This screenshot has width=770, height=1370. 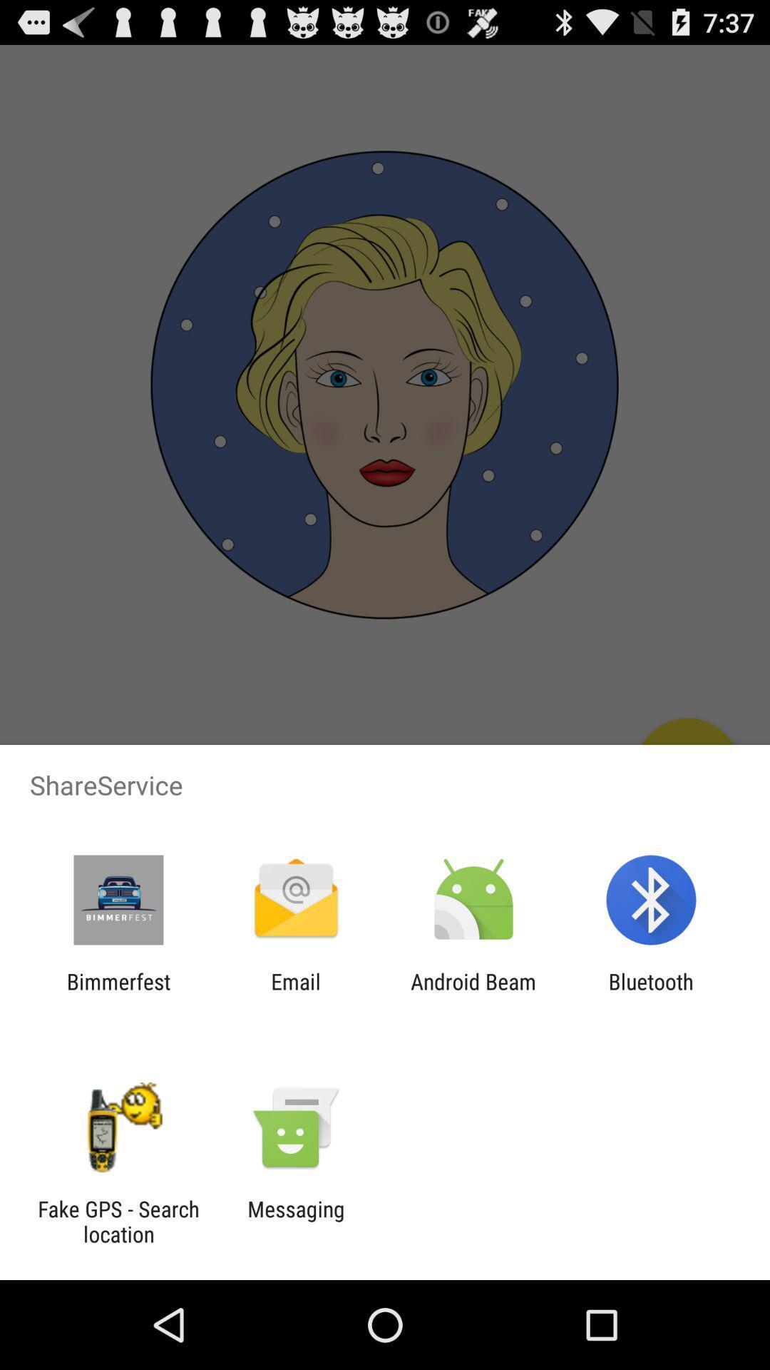 What do you see at coordinates (118, 1221) in the screenshot?
I see `fake gps search app` at bounding box center [118, 1221].